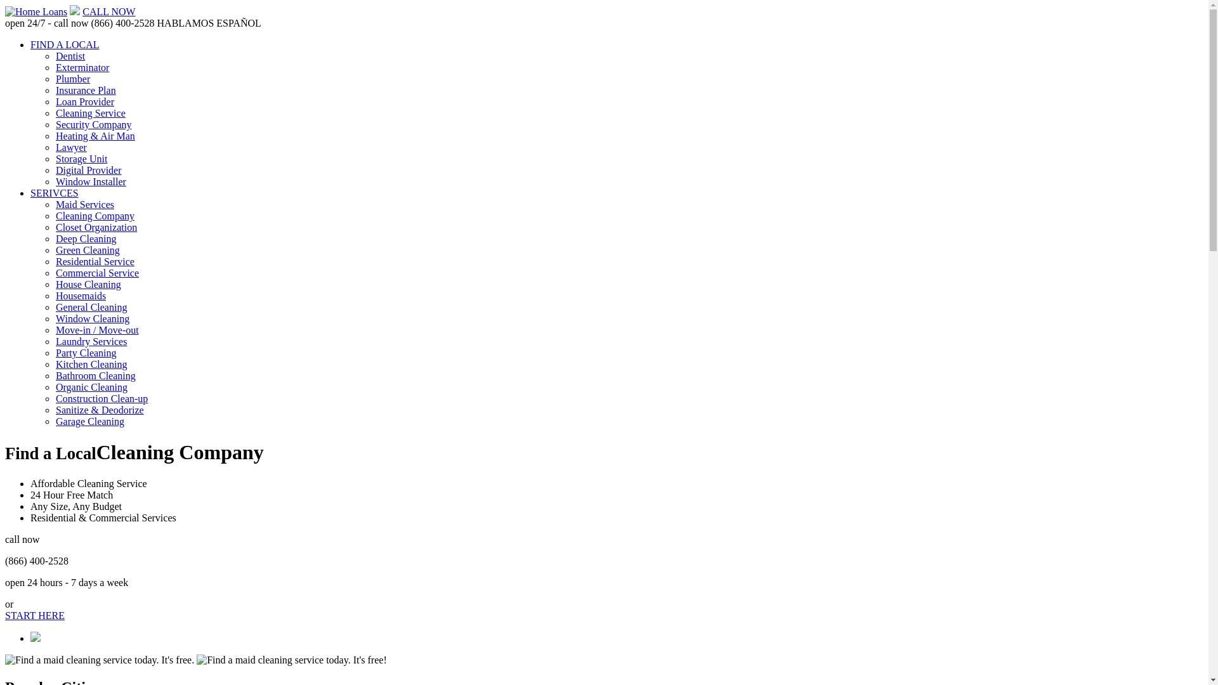 This screenshot has height=685, width=1218. I want to click on 'Heating & Air Man', so click(95, 136).